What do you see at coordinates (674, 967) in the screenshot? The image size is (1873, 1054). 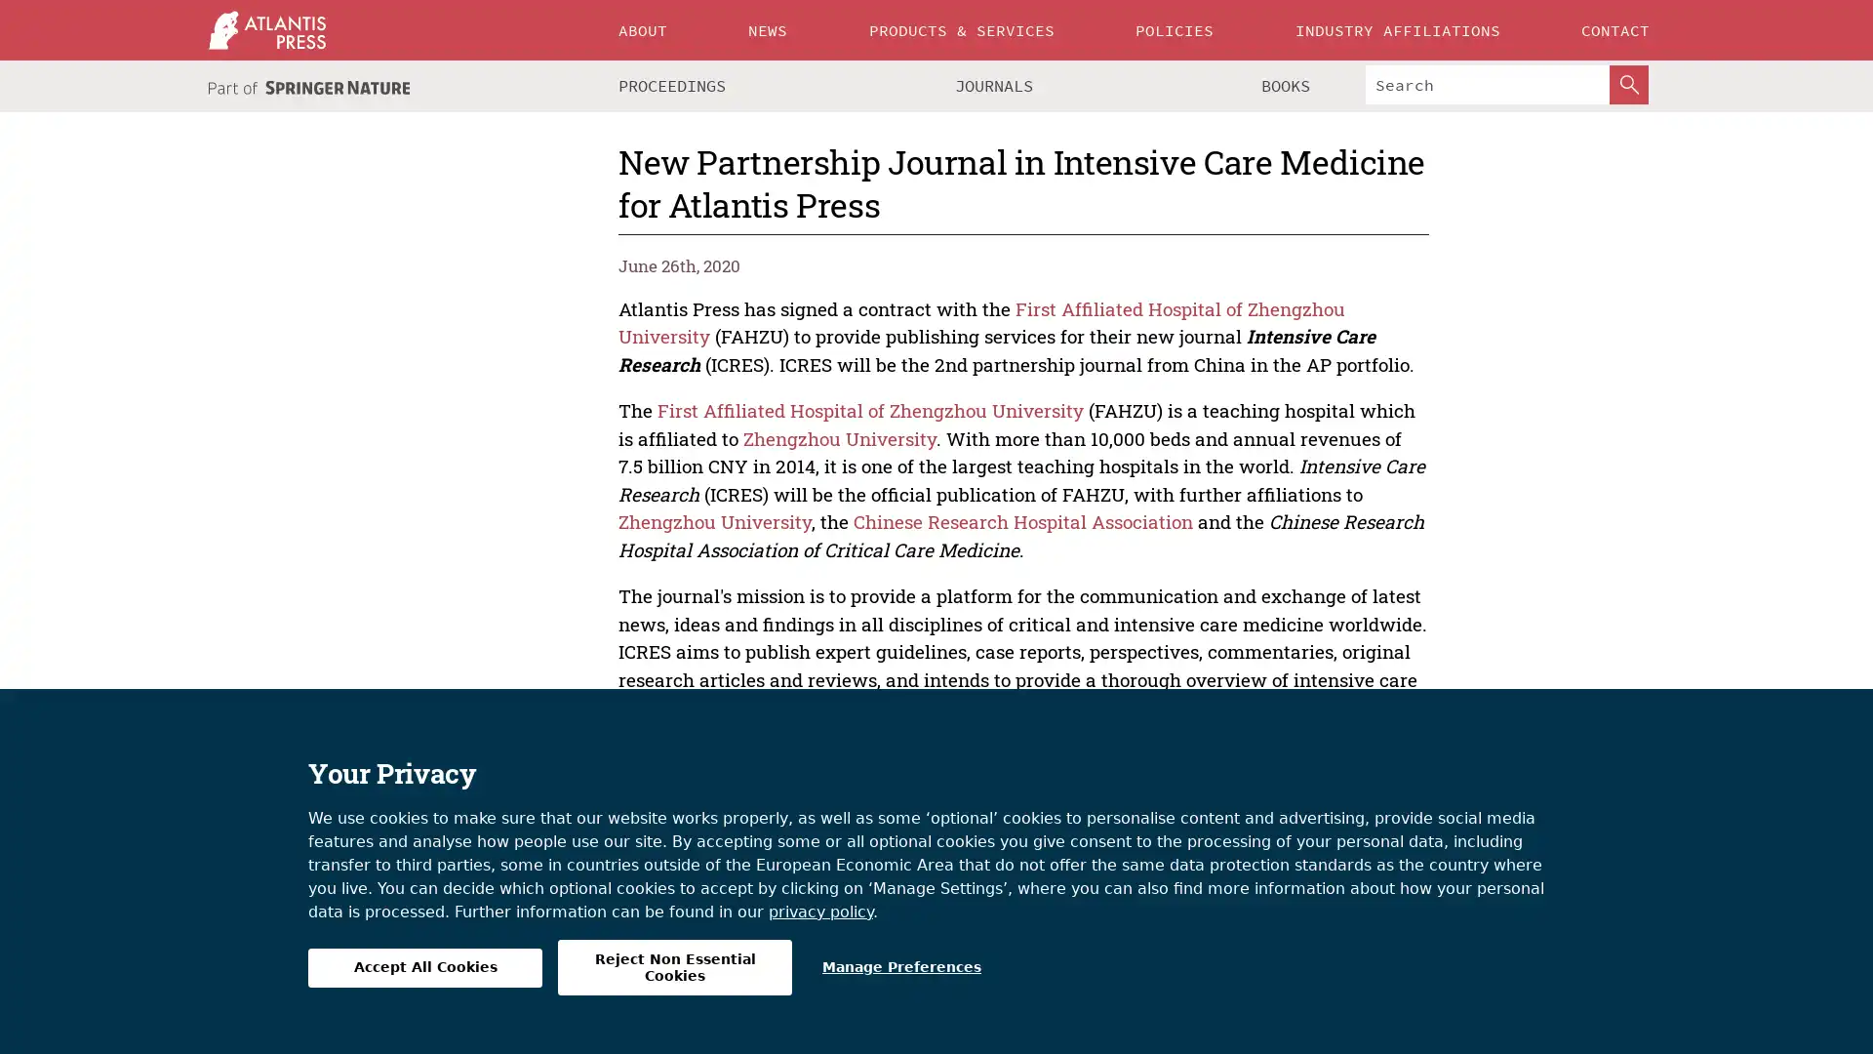 I see `Reject Non Essential Cookies` at bounding box center [674, 967].